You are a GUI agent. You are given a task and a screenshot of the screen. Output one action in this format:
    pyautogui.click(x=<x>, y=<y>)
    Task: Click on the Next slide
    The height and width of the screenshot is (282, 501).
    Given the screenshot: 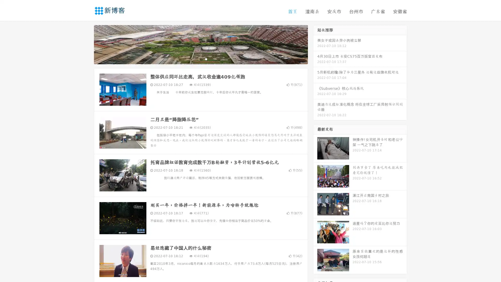 What is the action you would take?
    pyautogui.click(x=315, y=44)
    